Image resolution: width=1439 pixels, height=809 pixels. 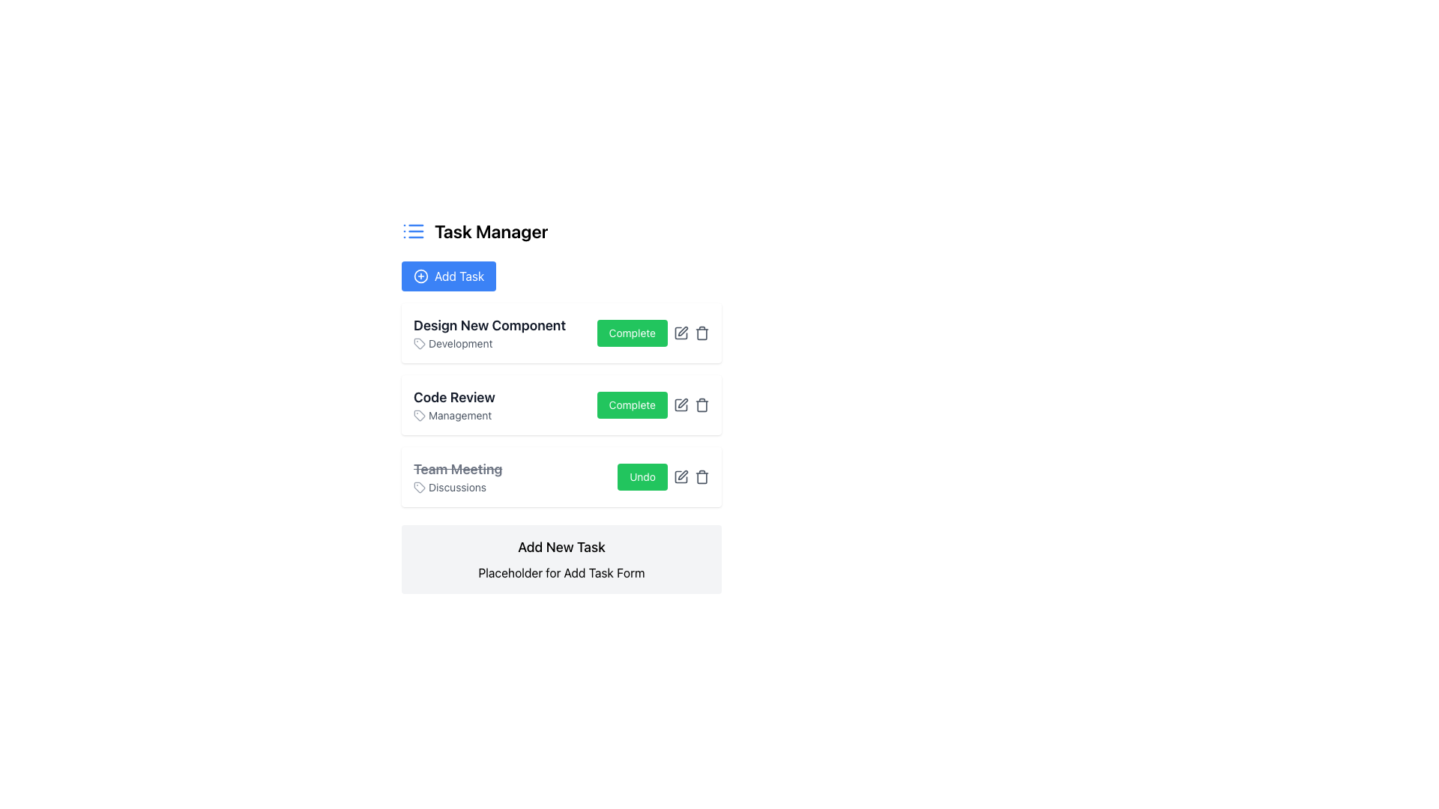 What do you see at coordinates (642, 476) in the screenshot?
I see `the 'Undo' button with white text on a green background located in the third task row labeled 'Team Meeting' to undo the task status` at bounding box center [642, 476].